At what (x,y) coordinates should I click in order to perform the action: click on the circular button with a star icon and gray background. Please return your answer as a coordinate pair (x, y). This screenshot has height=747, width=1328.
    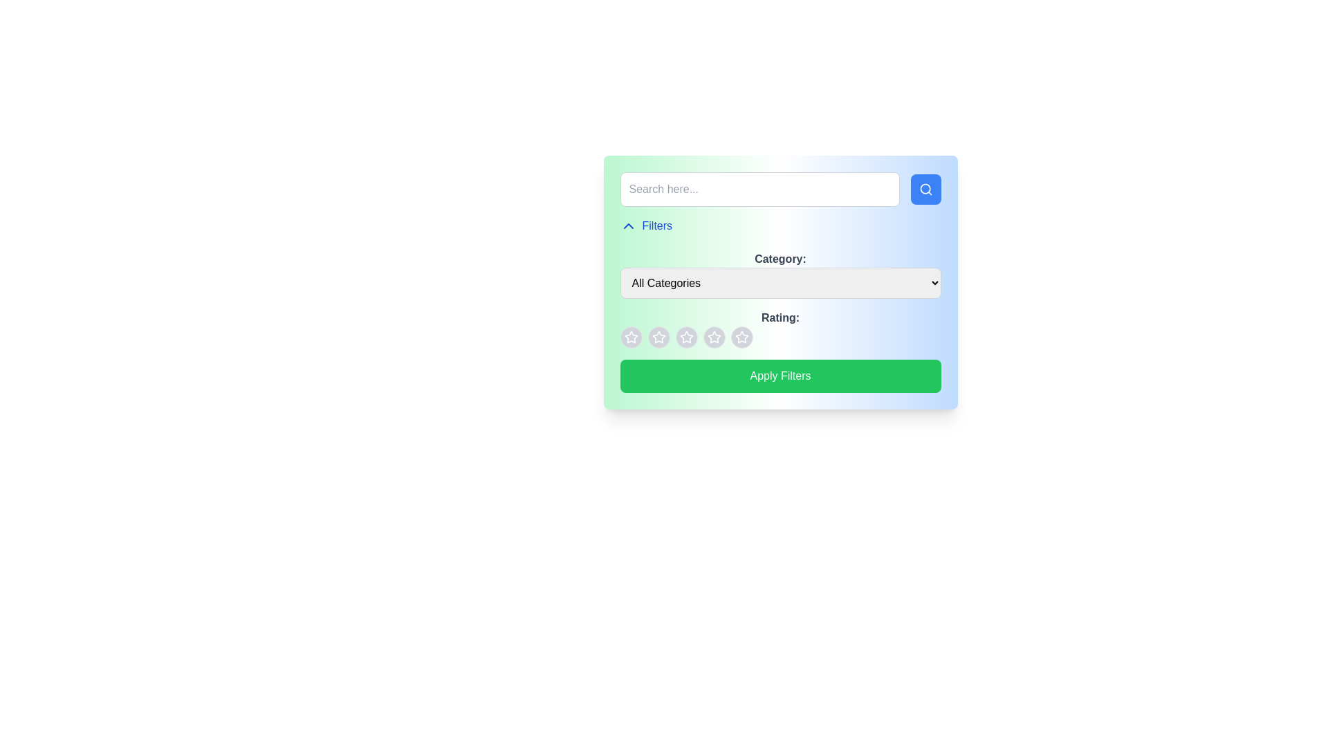
    Looking at the image, I should click on (658, 338).